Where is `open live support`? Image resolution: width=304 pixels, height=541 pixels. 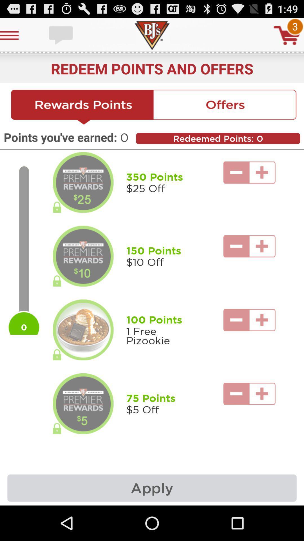 open live support is located at coordinates (61, 35).